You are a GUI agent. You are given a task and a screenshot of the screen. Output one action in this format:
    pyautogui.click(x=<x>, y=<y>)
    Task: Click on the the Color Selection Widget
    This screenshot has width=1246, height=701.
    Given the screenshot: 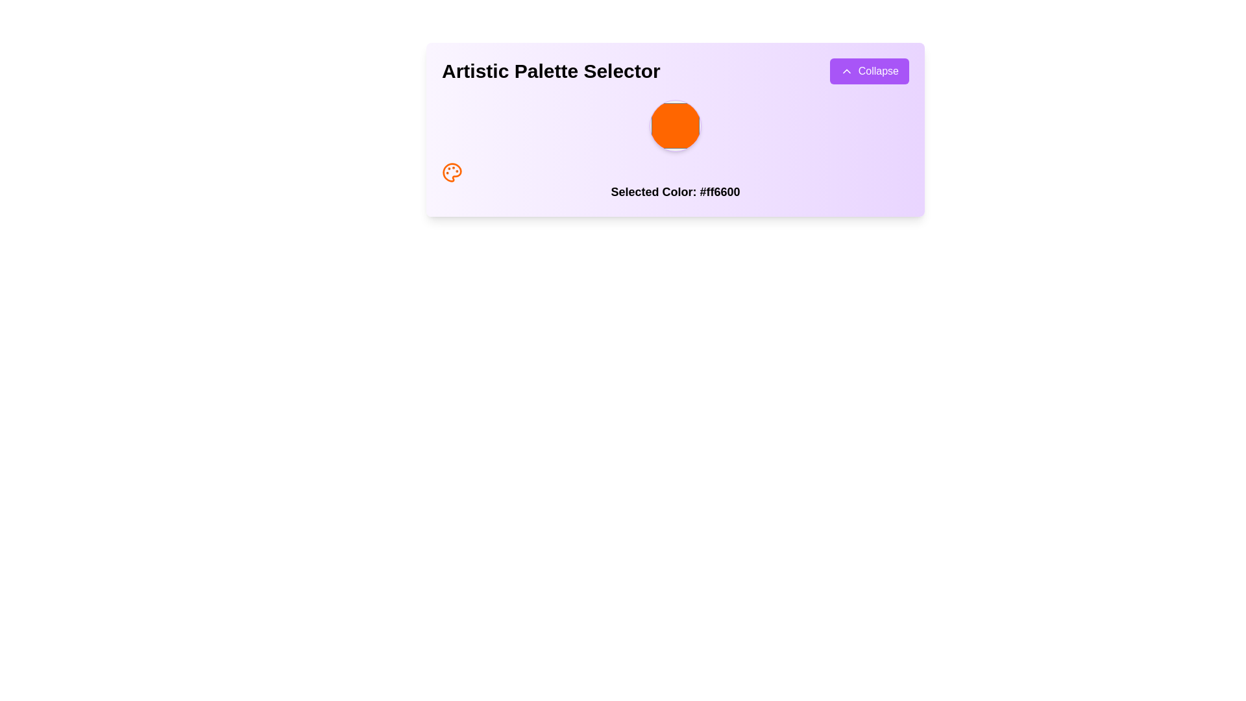 What is the action you would take?
    pyautogui.click(x=675, y=125)
    